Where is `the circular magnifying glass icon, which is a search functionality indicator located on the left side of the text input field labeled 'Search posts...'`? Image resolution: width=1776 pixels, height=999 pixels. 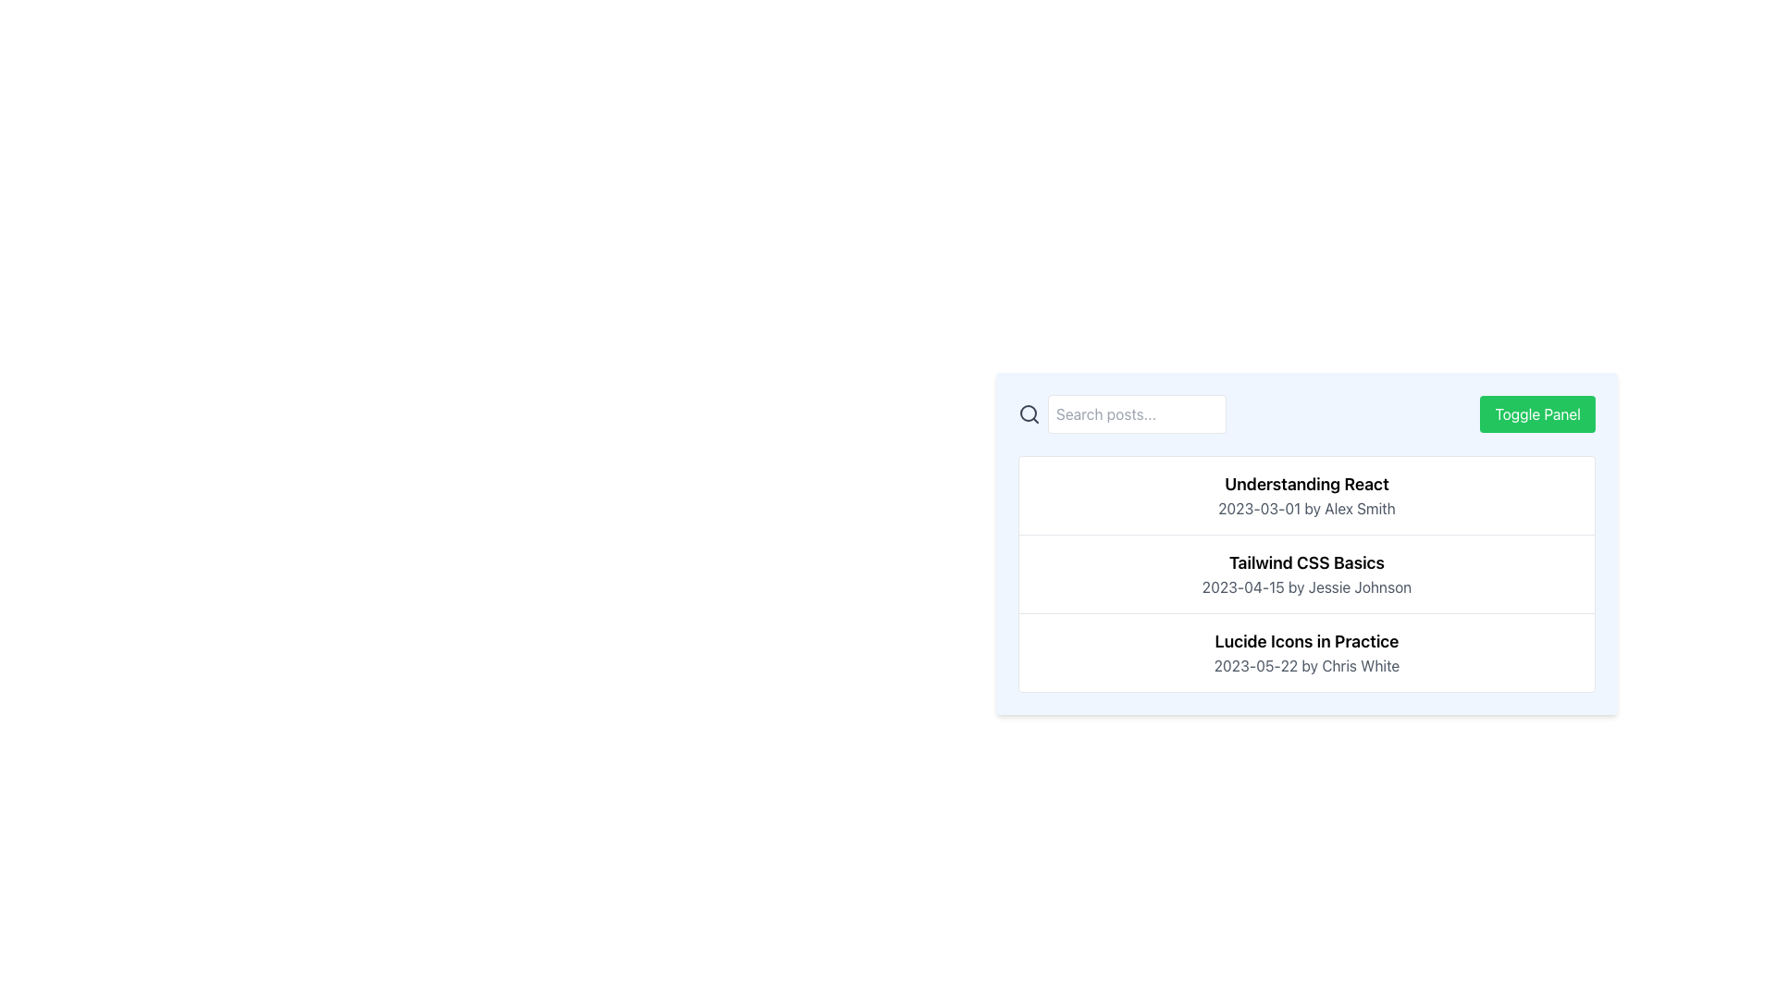 the circular magnifying glass icon, which is a search functionality indicator located on the left side of the text input field labeled 'Search posts...' is located at coordinates (1029, 413).